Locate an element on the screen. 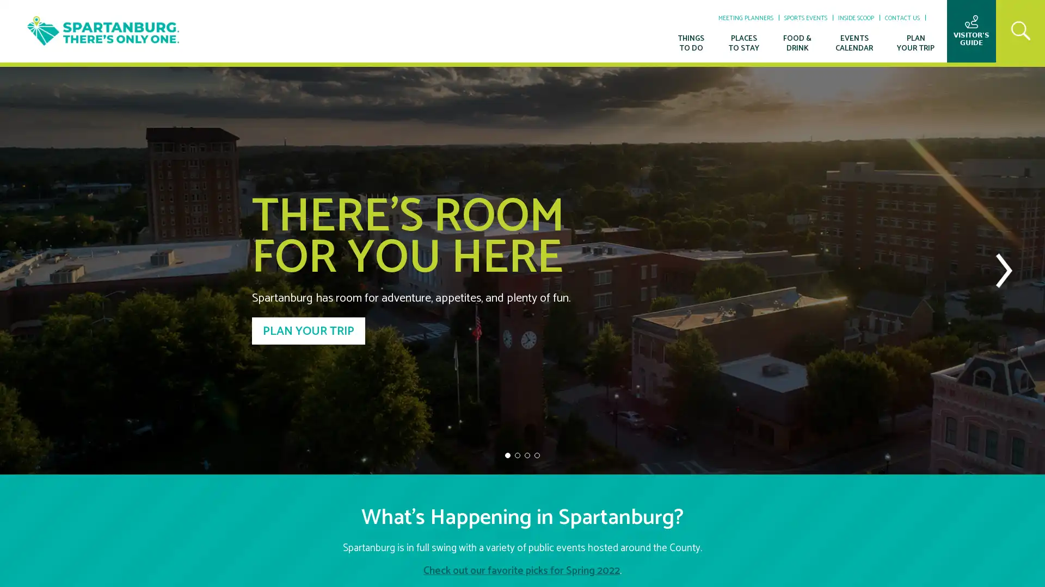  Next is located at coordinates (1003, 270).